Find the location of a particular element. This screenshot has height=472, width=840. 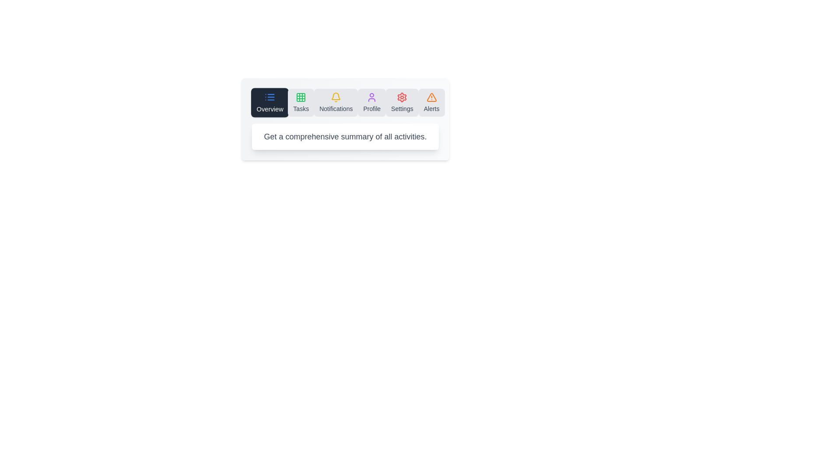

the icon to switch to the Tasks section is located at coordinates (301, 102).